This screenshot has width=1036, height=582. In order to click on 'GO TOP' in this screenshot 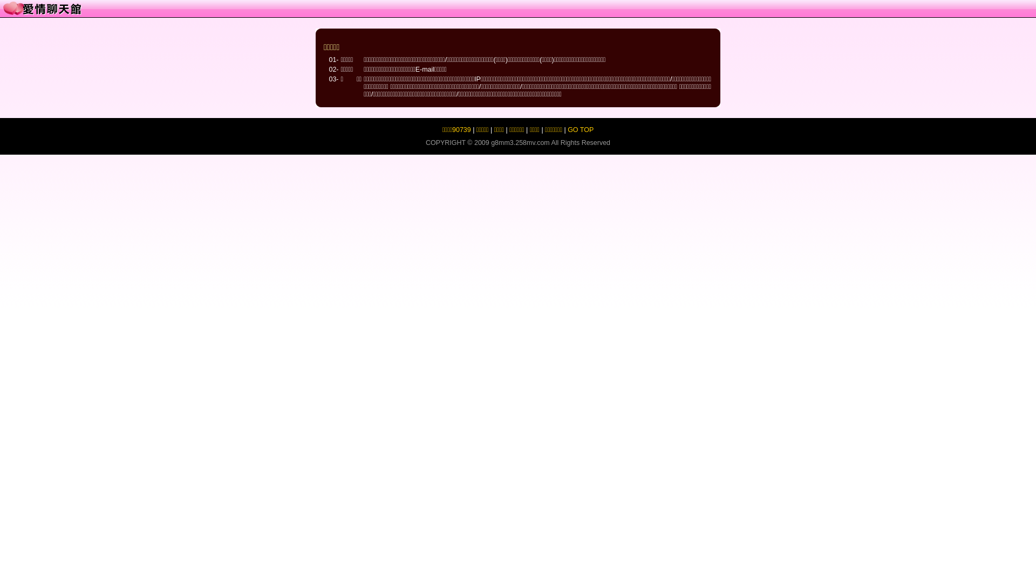, I will do `click(580, 129)`.